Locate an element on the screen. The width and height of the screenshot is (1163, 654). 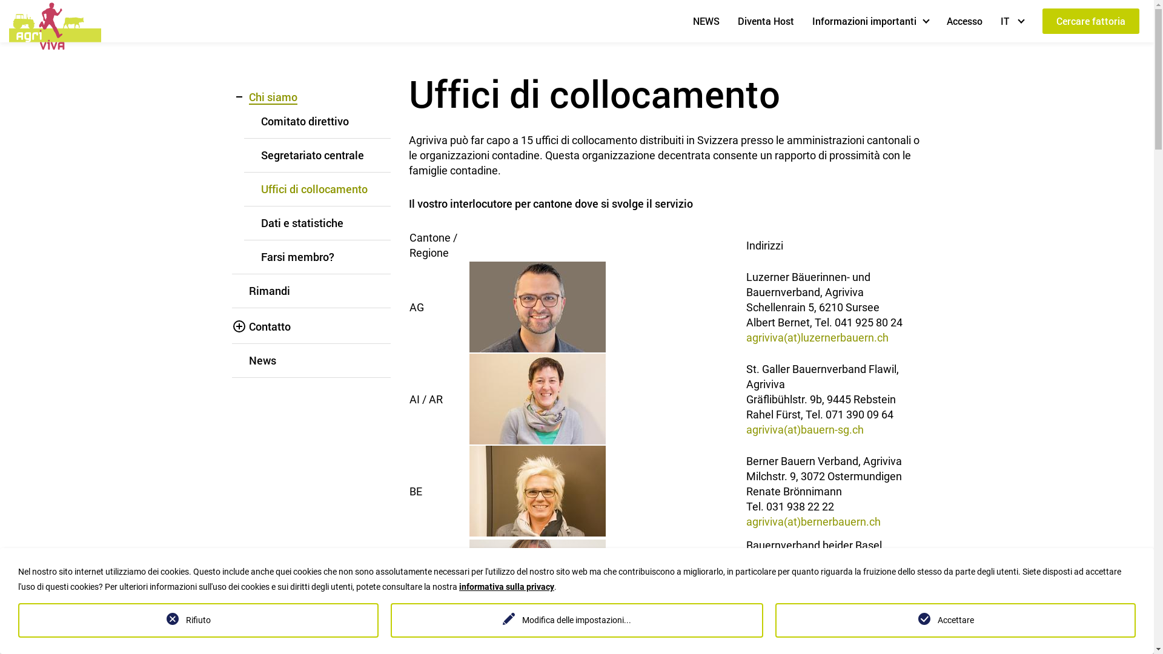
'agriviva(at)luzernerbauern.ch' is located at coordinates (817, 337).